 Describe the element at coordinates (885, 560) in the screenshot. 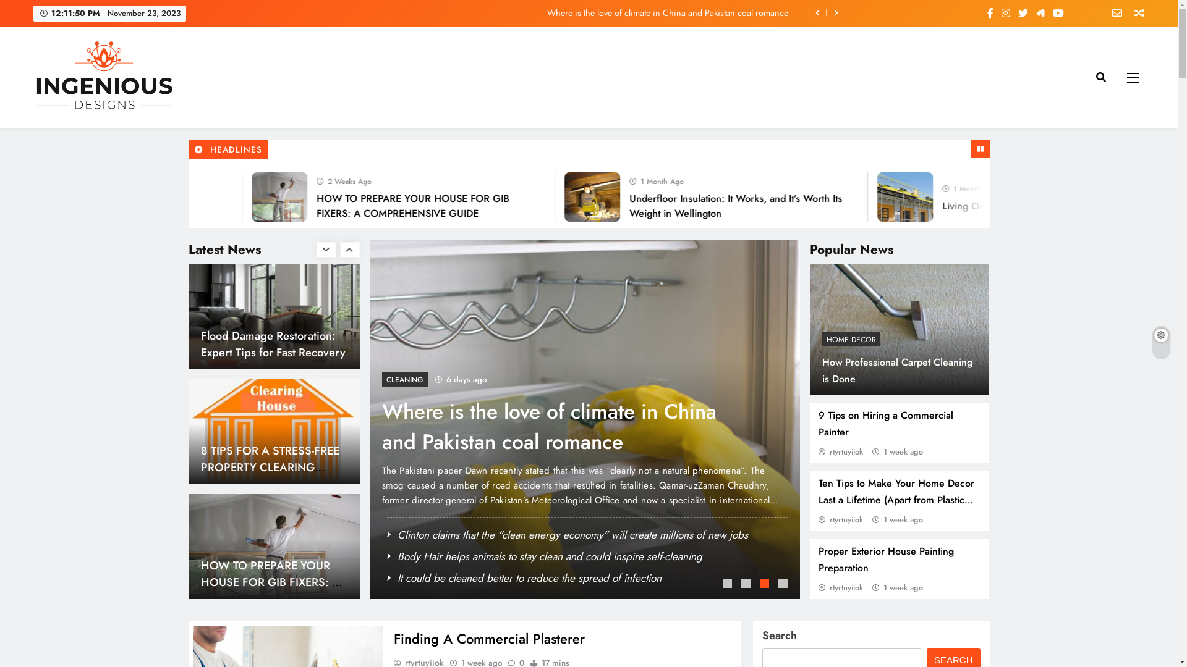

I see `'Proper Exterior House Painting Preparation'` at that location.